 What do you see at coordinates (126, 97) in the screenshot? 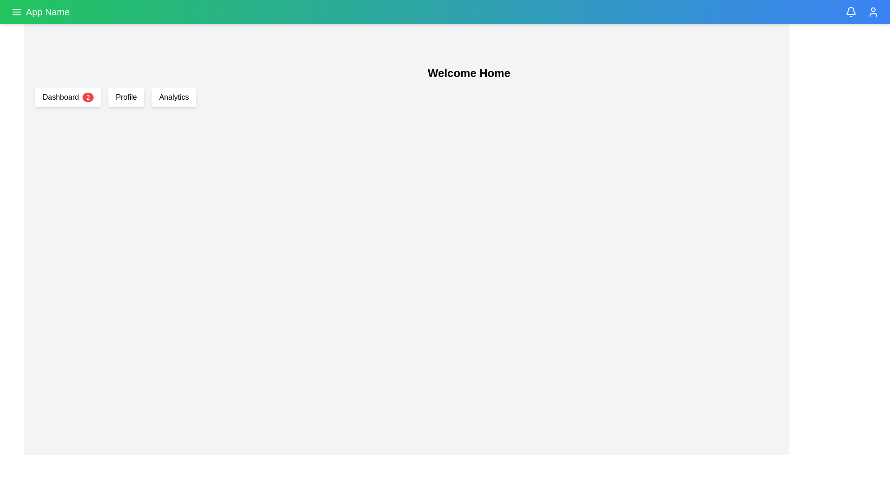
I see `the 'Profile' navigation button located between the 'Dashboard' button with a red badge and the 'Analytics' button, situated under the green-blue header` at bounding box center [126, 97].